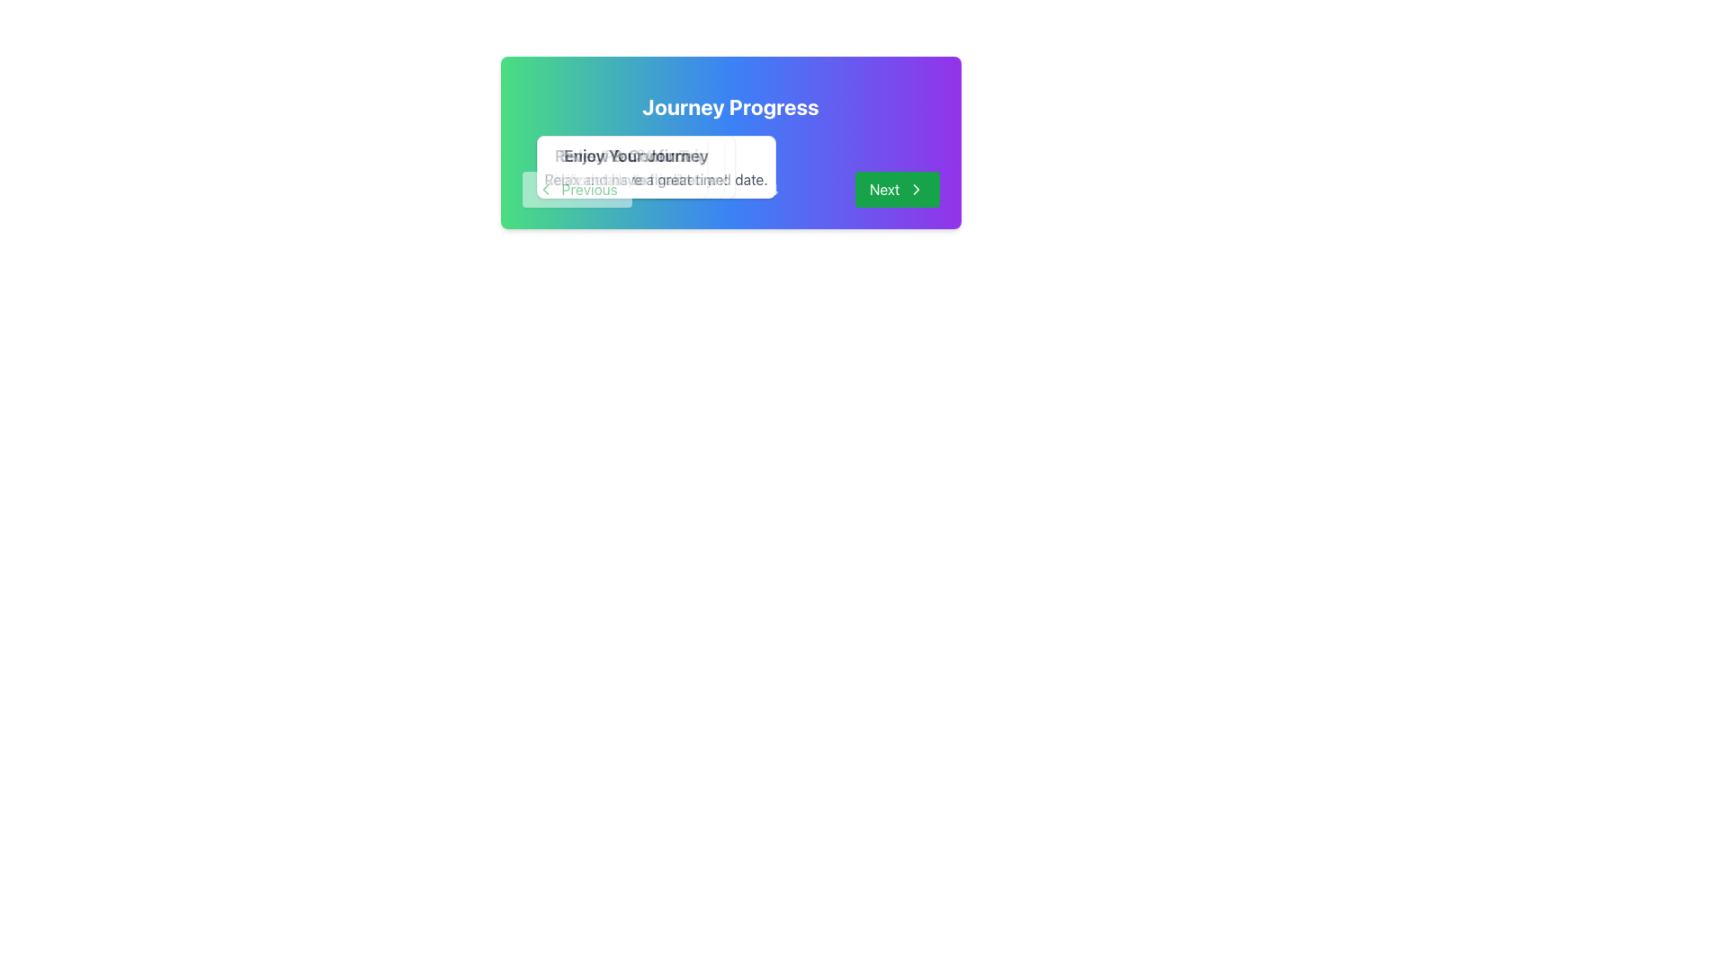 Image resolution: width=1727 pixels, height=971 pixels. What do you see at coordinates (730, 107) in the screenshot?
I see `the Header text labeled 'Journey Progress' that provides context for the section, located at the upper section of a card-like component` at bounding box center [730, 107].